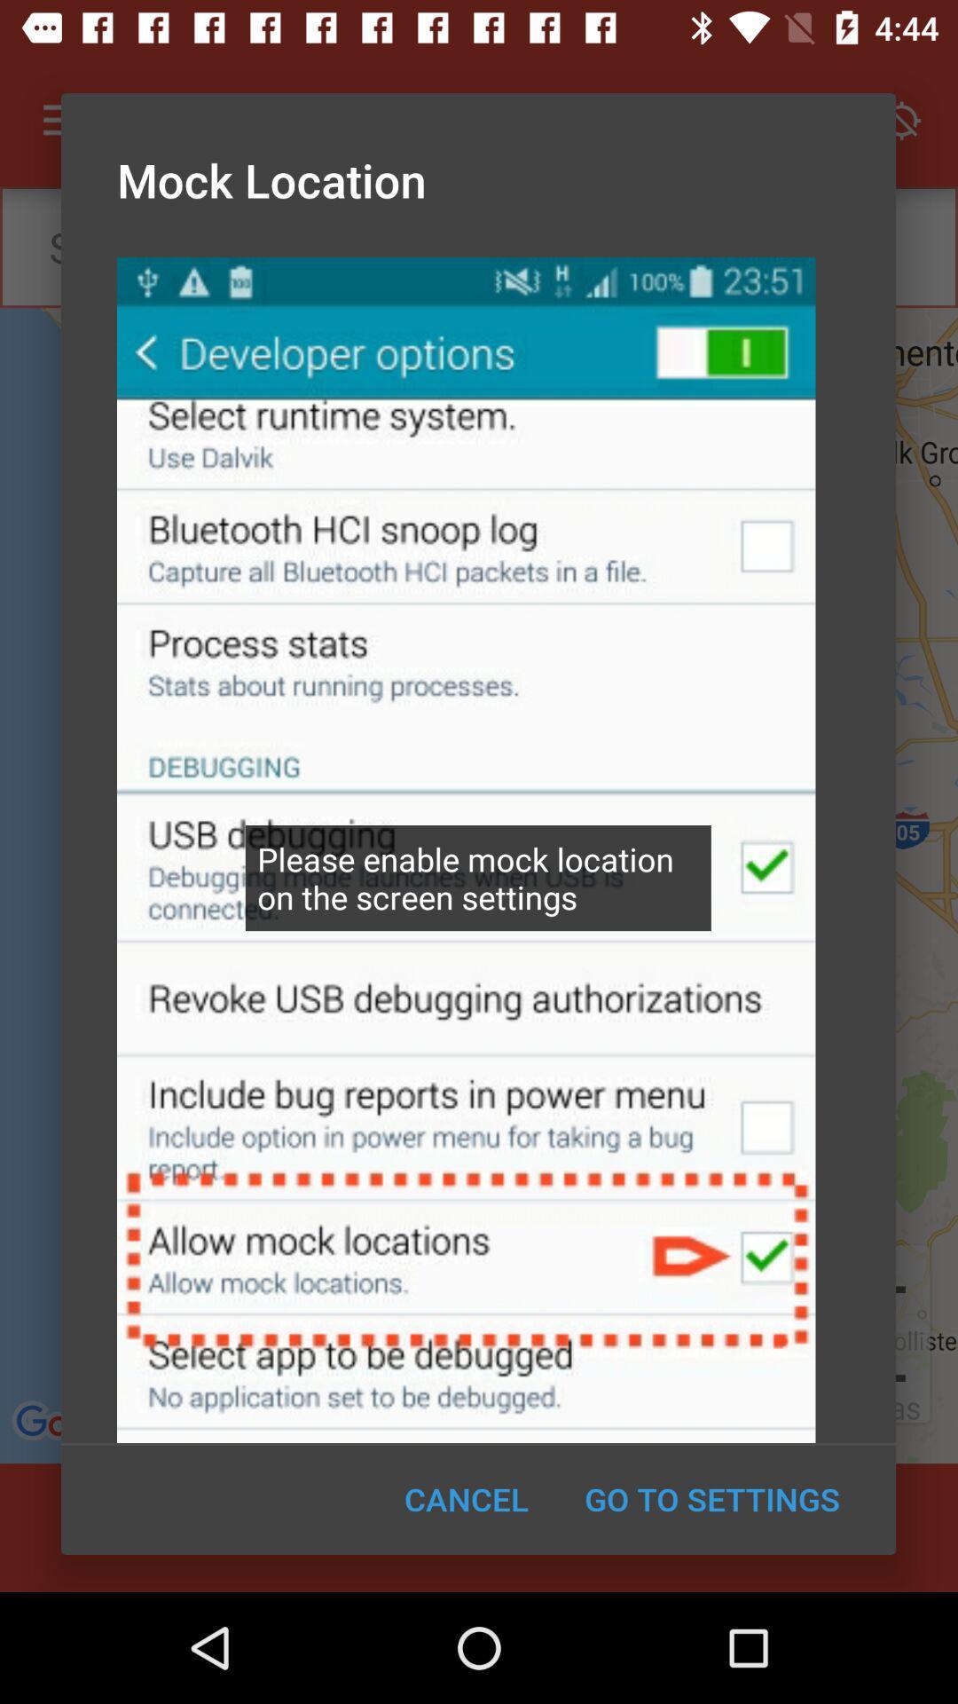 This screenshot has width=958, height=1704. What do you see at coordinates (711, 1498) in the screenshot?
I see `the go to settings item` at bounding box center [711, 1498].